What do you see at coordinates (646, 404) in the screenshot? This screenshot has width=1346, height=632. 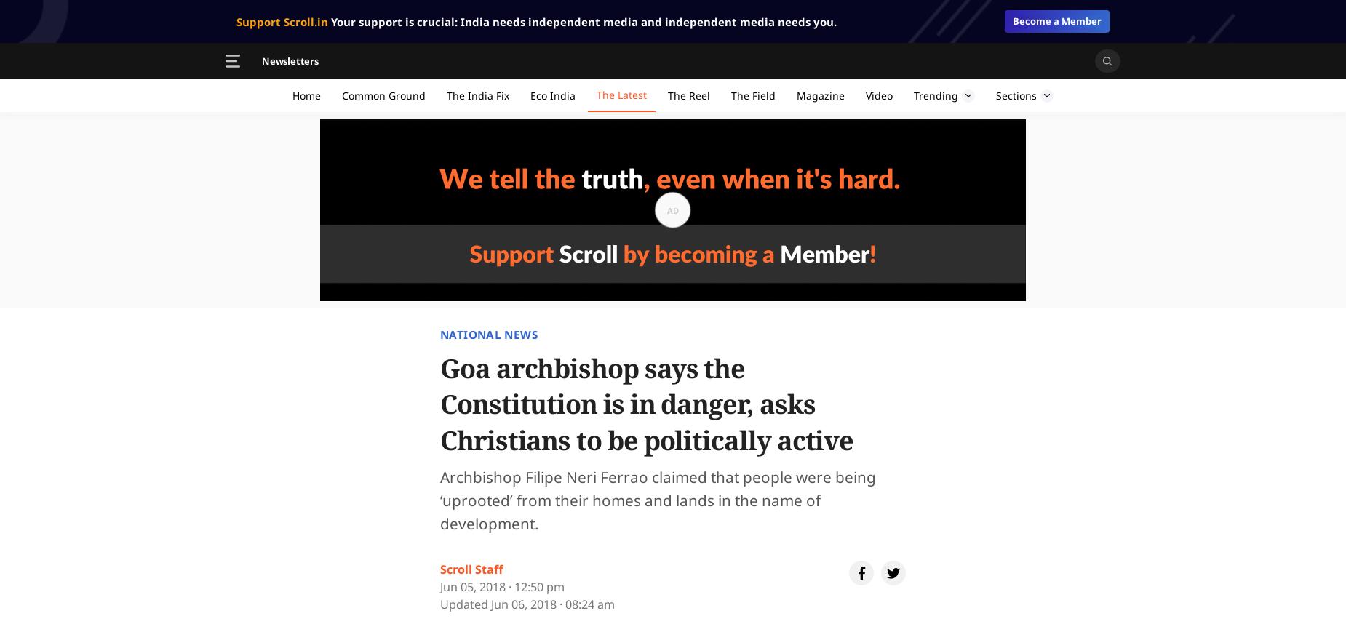 I see `'Goa archbishop says the Constitution is in danger, asks Christians to be politically active'` at bounding box center [646, 404].